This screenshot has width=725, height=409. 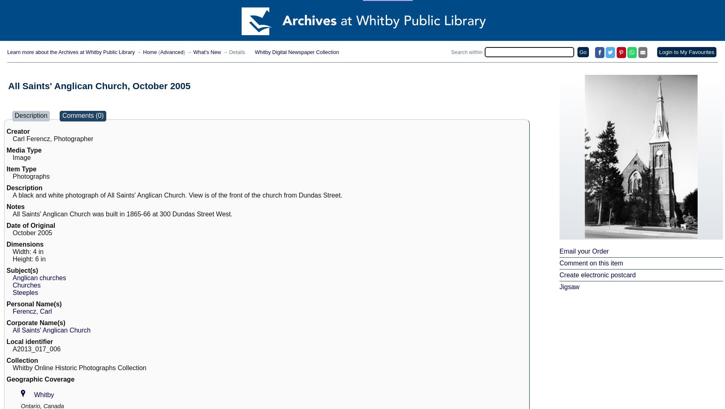 What do you see at coordinates (17, 131) in the screenshot?
I see `'Creator'` at bounding box center [17, 131].